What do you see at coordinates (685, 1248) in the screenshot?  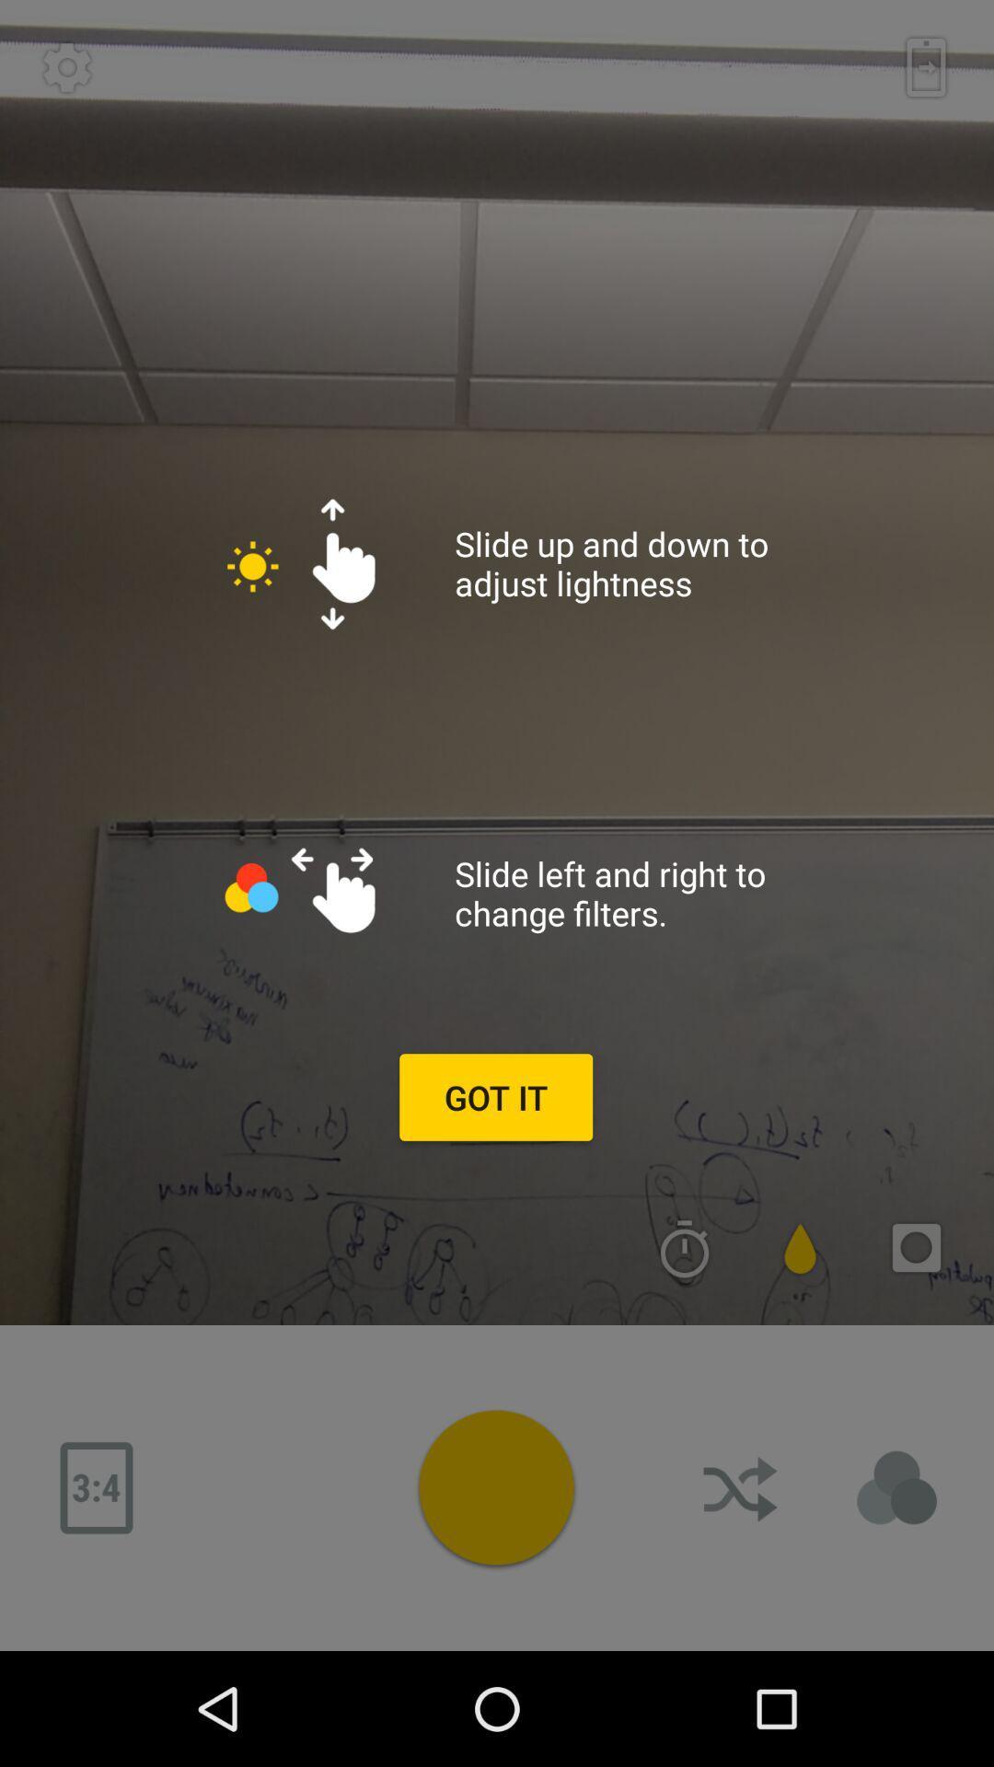 I see `the time icon` at bounding box center [685, 1248].